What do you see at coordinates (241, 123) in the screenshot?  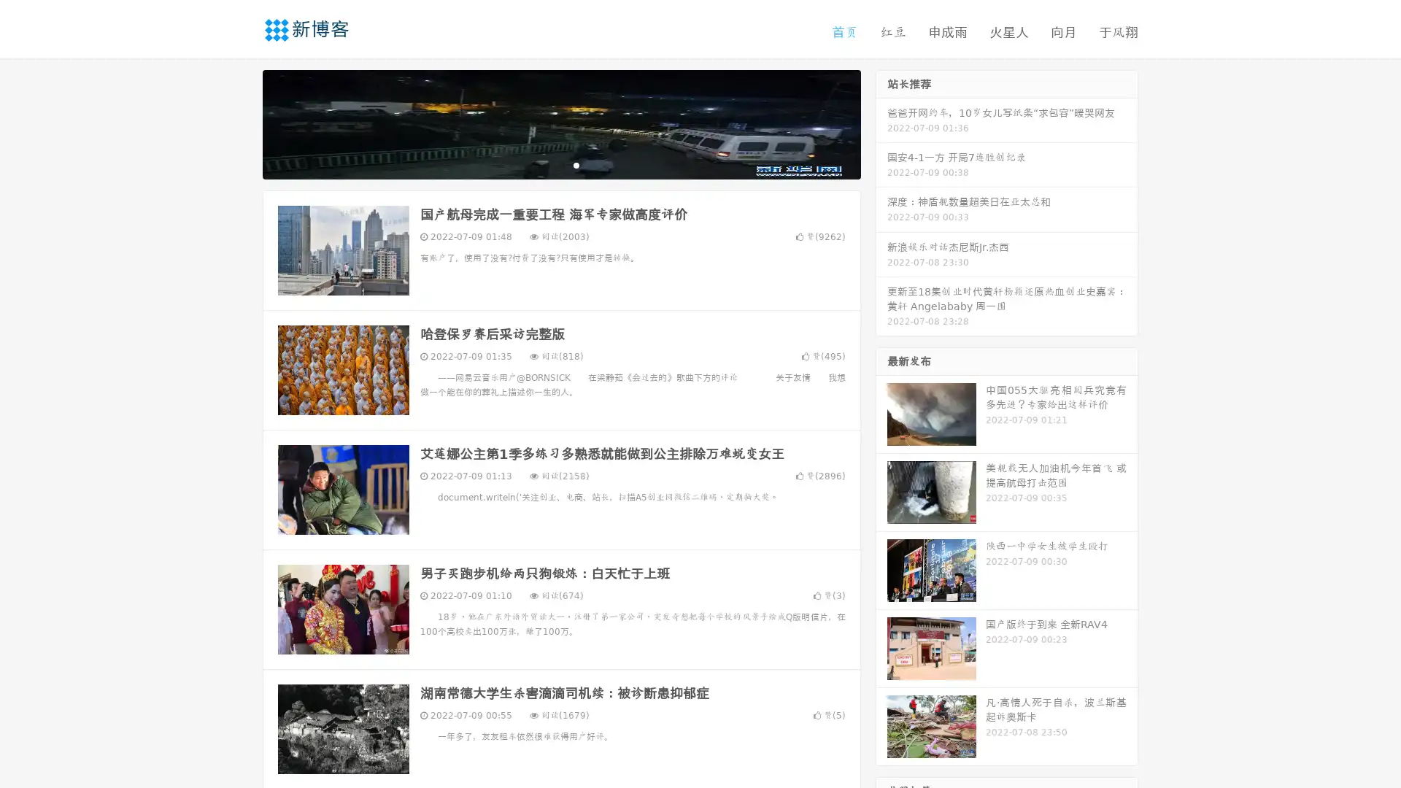 I see `Previous slide` at bounding box center [241, 123].